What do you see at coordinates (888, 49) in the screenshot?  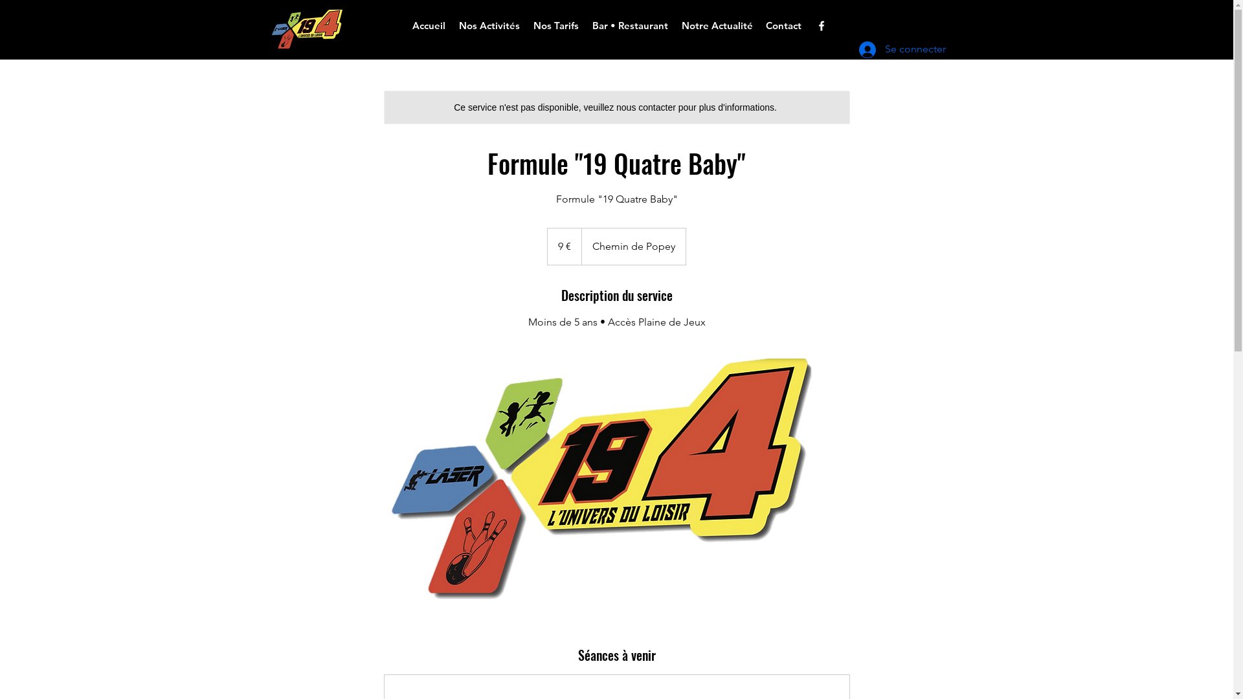 I see `'Se connecter'` at bounding box center [888, 49].